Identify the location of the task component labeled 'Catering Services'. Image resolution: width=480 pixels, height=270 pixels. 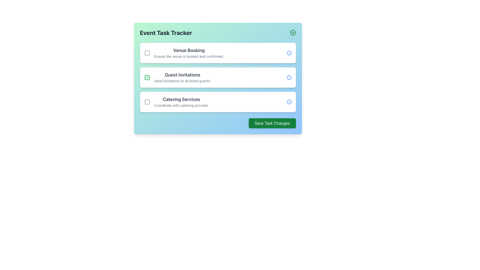
(176, 102).